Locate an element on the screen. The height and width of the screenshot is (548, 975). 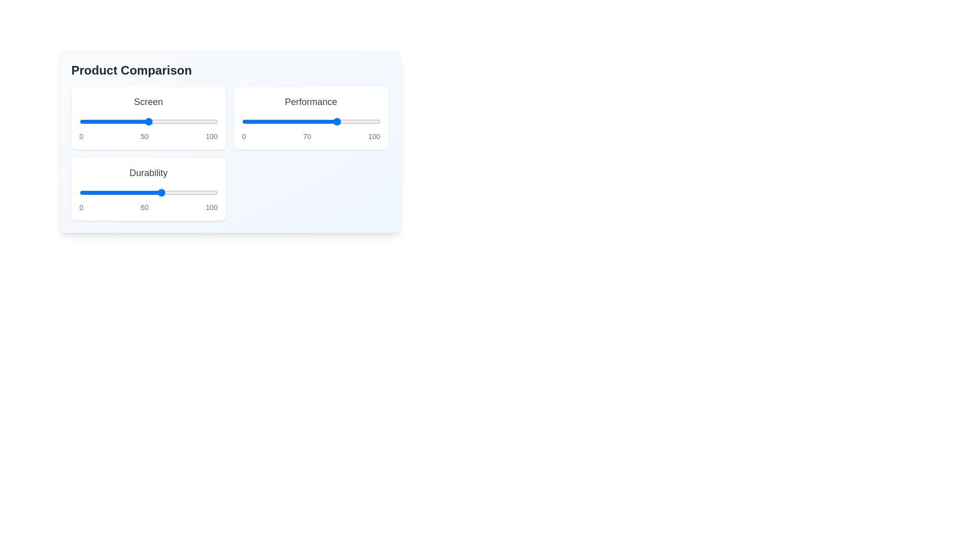
the 'Screen' slider to the value 32 is located at coordinates (123, 121).